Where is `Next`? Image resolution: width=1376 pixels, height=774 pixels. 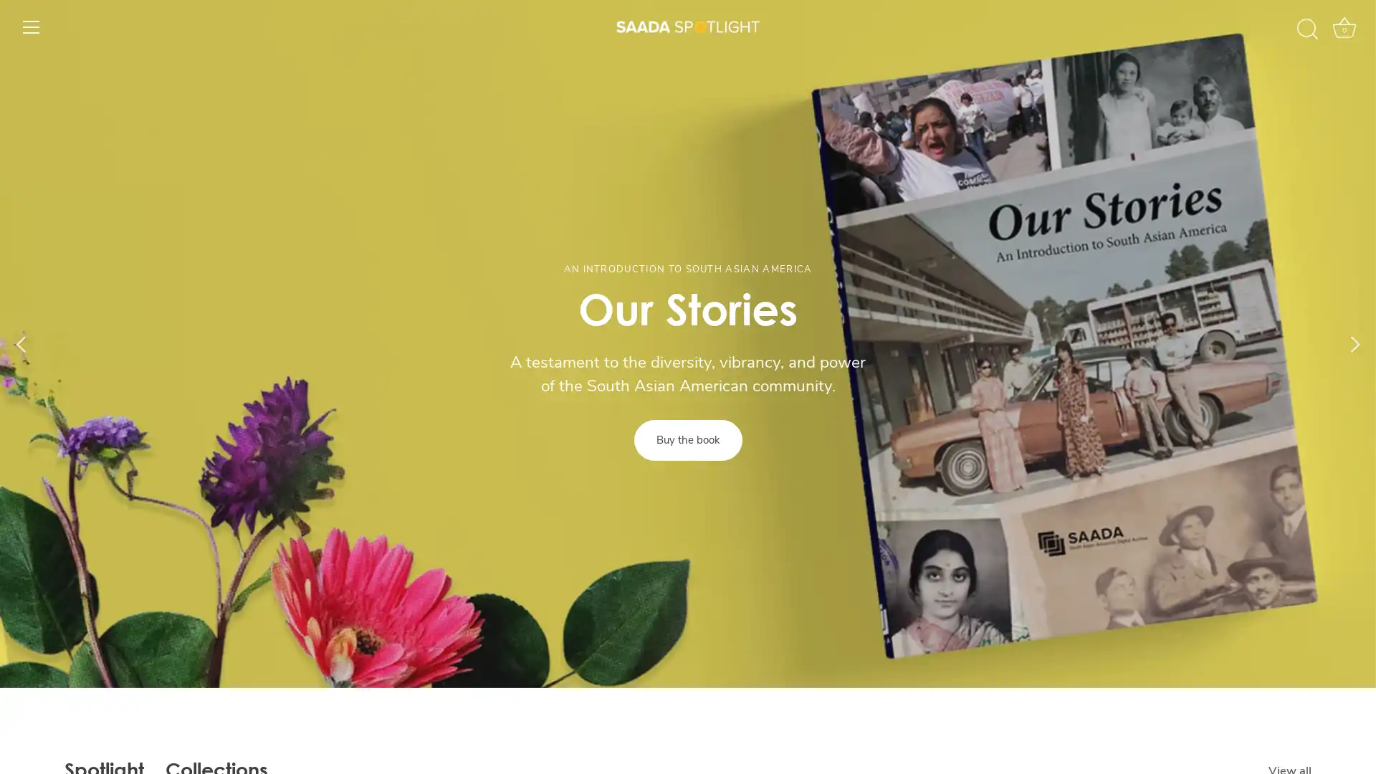 Next is located at coordinates (1354, 343).